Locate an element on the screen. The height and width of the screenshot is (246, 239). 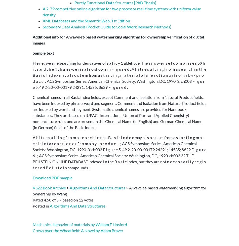
'4.58' is located at coordinates (47, 199).